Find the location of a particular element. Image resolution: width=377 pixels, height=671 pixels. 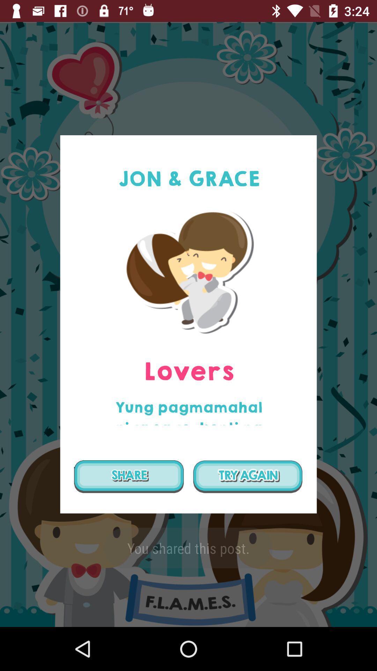

try again is located at coordinates (247, 476).